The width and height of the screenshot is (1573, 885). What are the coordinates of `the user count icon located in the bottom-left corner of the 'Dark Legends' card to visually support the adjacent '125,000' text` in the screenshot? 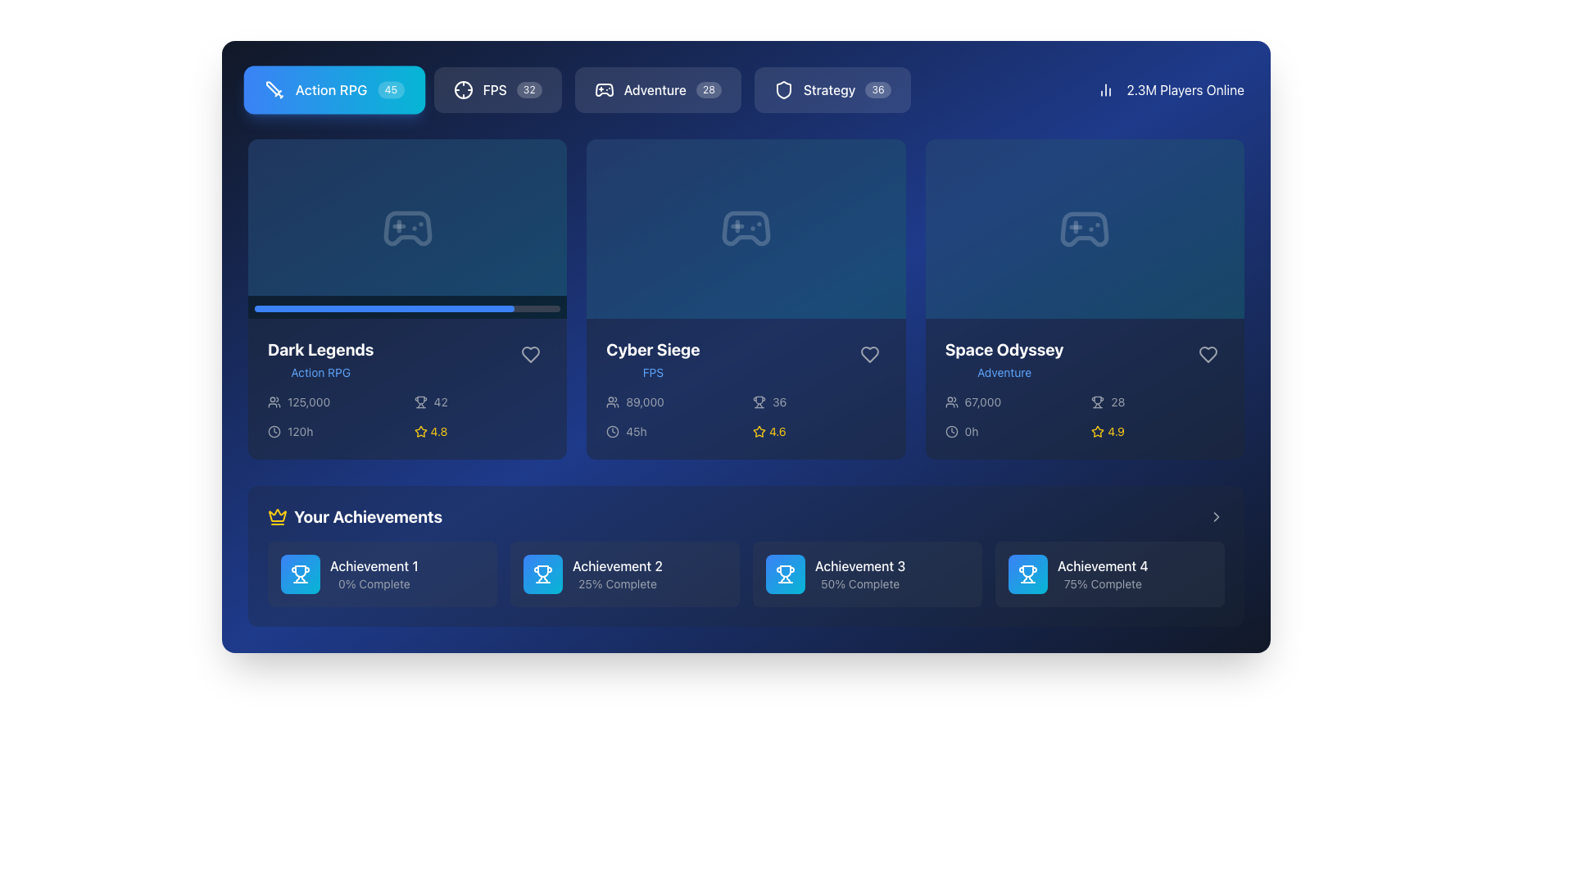 It's located at (274, 401).